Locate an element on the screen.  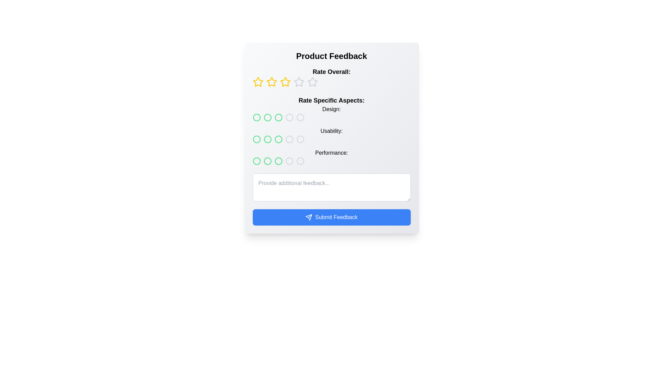
the leftmost circular button styled as a rating indicator in the 'Performance' category is located at coordinates (256, 161).